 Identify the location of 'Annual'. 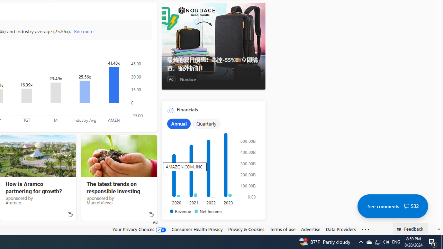
(179, 123).